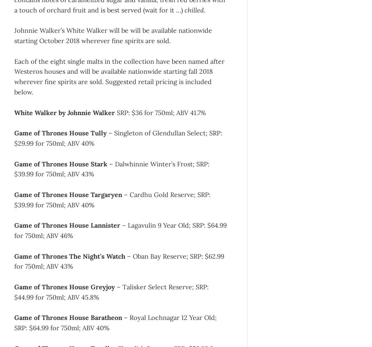 This screenshot has height=347, width=372. I want to click on '– Cardhu Gold Reserve; SRP: $39.99 for 750ml; ABV 40%', so click(112, 199).